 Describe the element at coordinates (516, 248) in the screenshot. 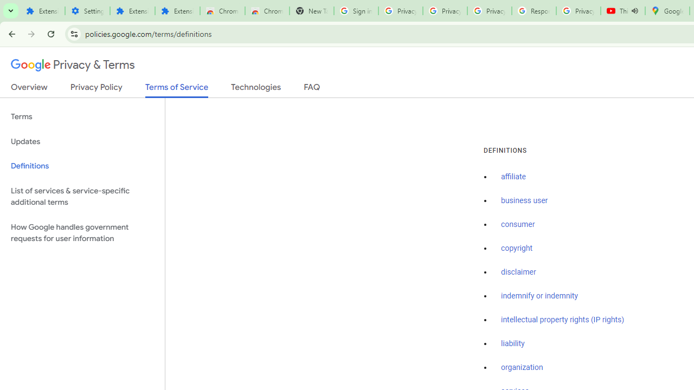

I see `'copyright'` at that location.